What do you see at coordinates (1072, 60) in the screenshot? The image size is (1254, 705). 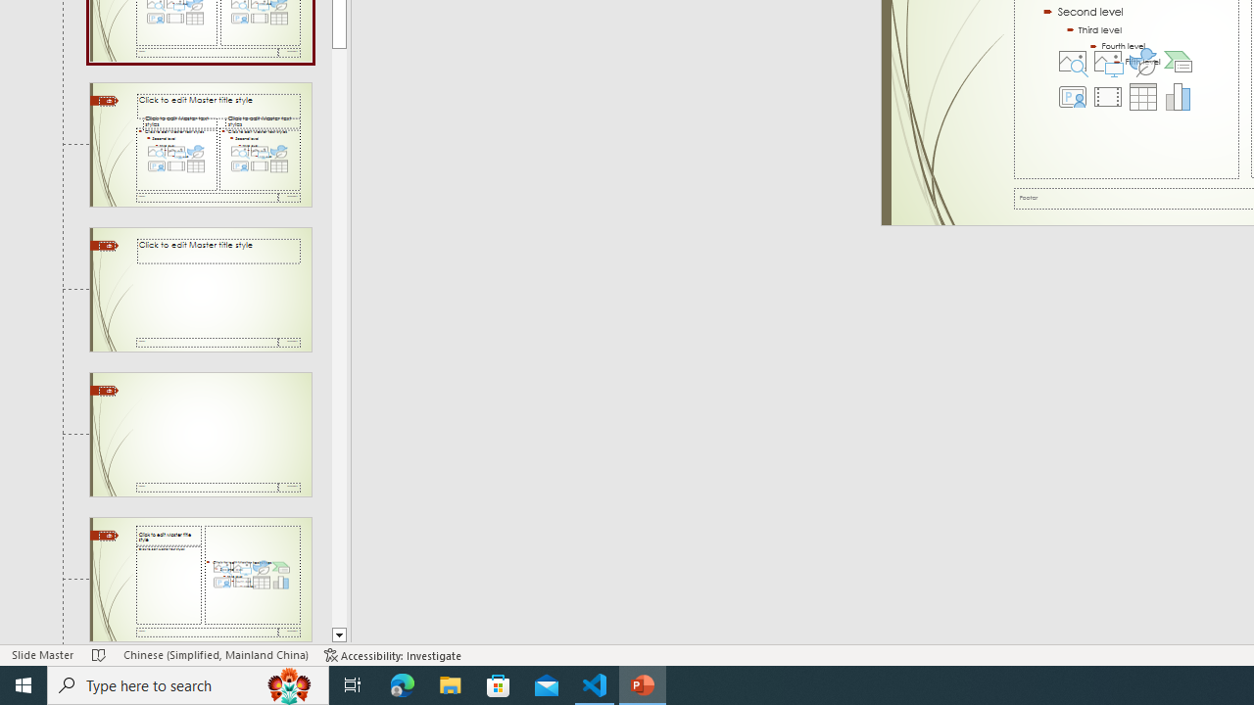 I see `'Stock Images'` at bounding box center [1072, 60].